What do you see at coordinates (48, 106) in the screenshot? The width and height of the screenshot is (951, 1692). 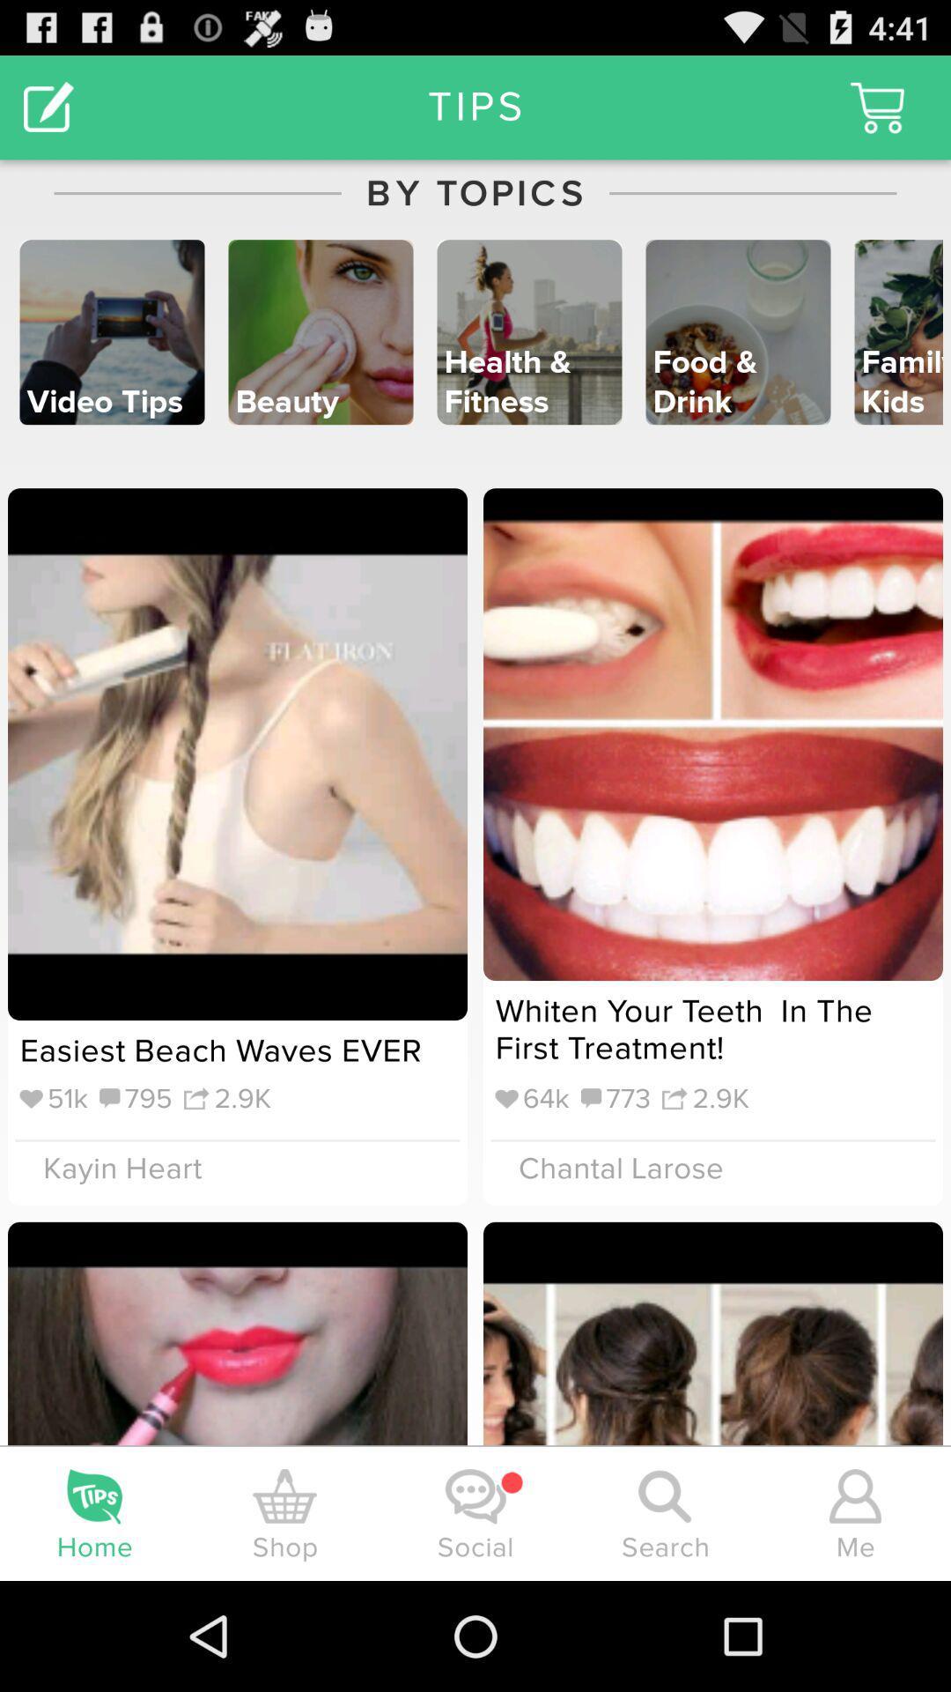 I see `the button at the top left corner of the page` at bounding box center [48, 106].